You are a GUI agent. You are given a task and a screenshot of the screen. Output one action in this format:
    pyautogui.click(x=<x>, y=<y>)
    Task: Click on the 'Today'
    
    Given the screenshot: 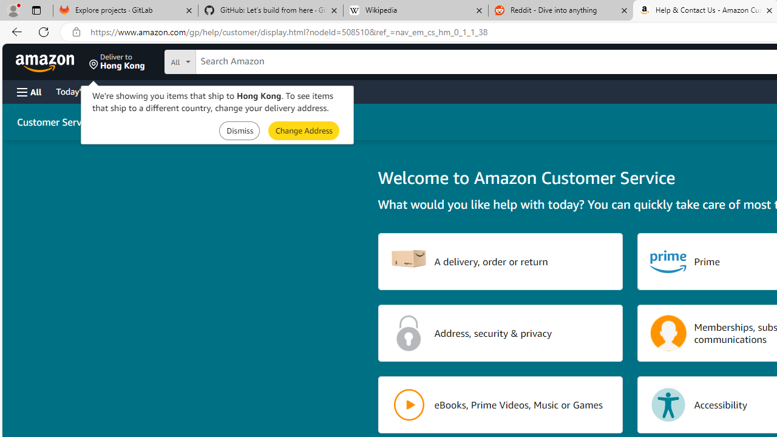 What is the action you would take?
    pyautogui.click(x=81, y=90)
    